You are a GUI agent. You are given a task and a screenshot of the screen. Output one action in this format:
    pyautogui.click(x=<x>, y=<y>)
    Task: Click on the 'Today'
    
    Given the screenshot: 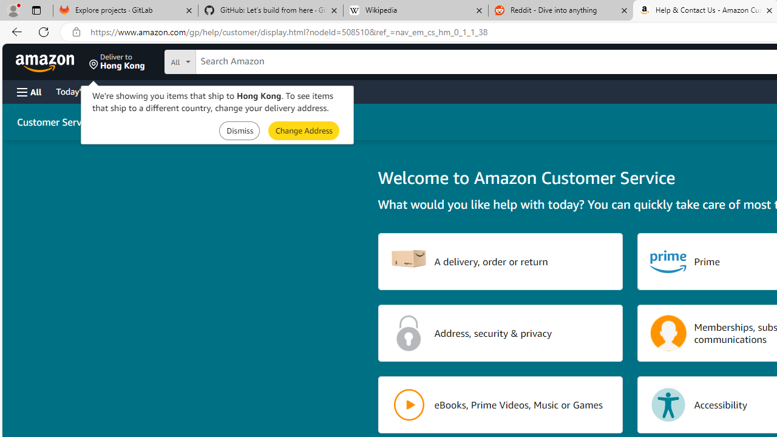 What is the action you would take?
    pyautogui.click(x=81, y=90)
    